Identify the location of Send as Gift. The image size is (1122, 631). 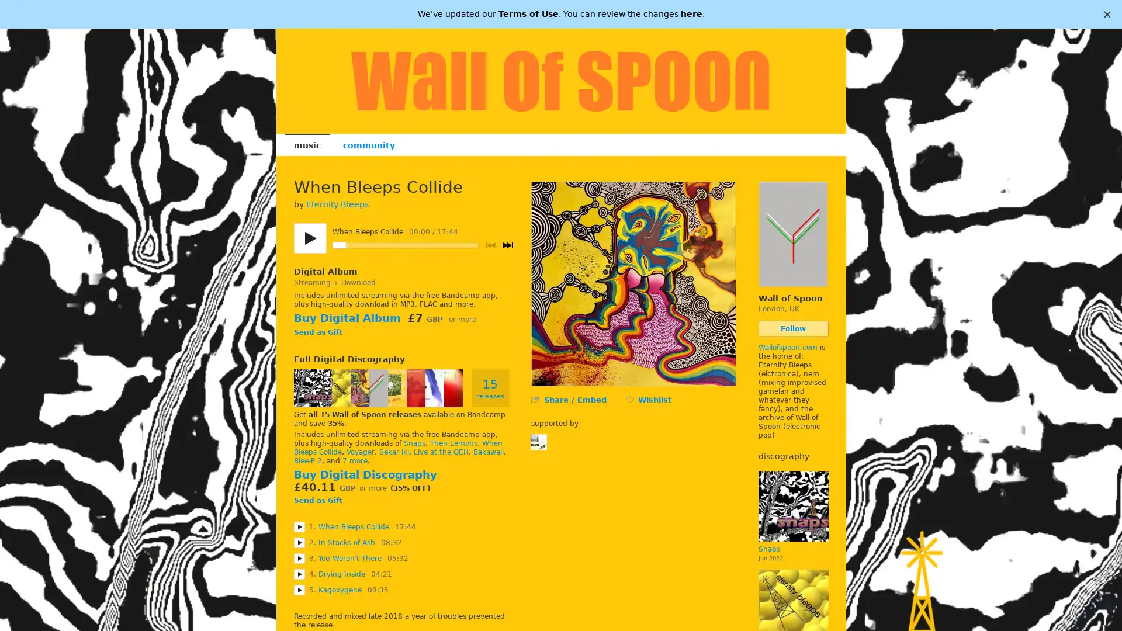
(317, 500).